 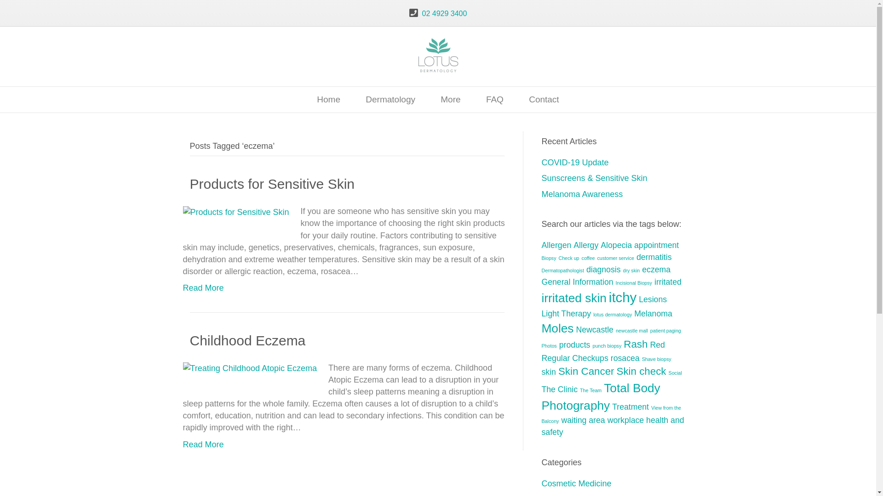 What do you see at coordinates (654, 257) in the screenshot?
I see `'dermatitis'` at bounding box center [654, 257].